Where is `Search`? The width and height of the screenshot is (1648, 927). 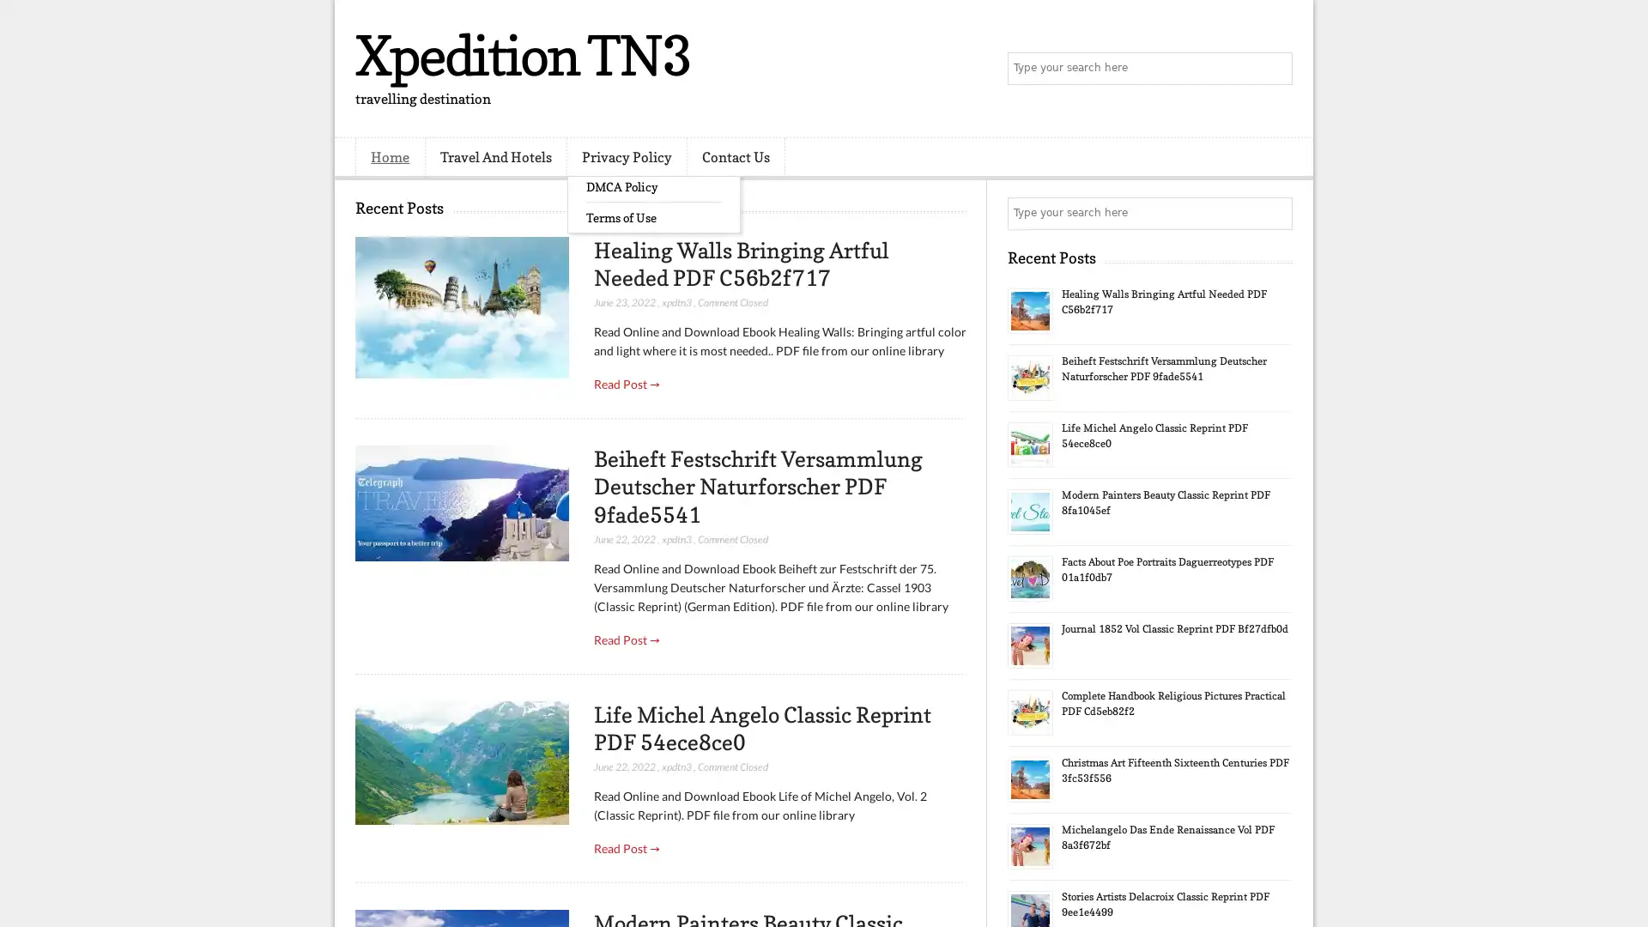
Search is located at coordinates (1275, 213).